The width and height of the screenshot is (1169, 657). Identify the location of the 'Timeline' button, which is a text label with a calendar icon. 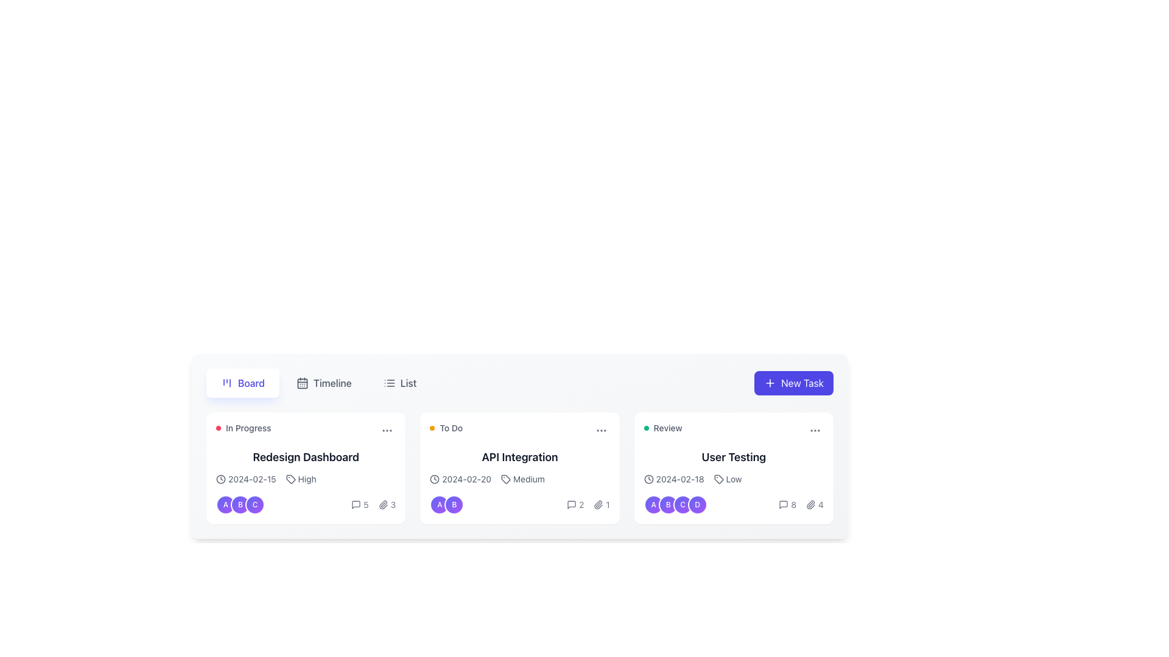
(324, 382).